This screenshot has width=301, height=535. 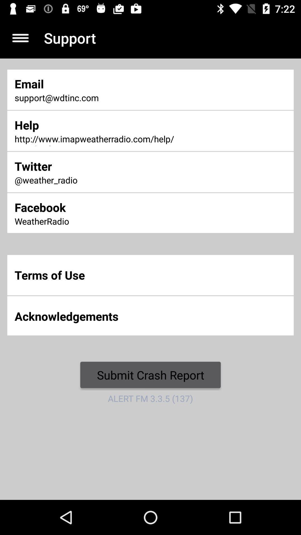 I want to click on the menu icon, so click(x=20, y=38).